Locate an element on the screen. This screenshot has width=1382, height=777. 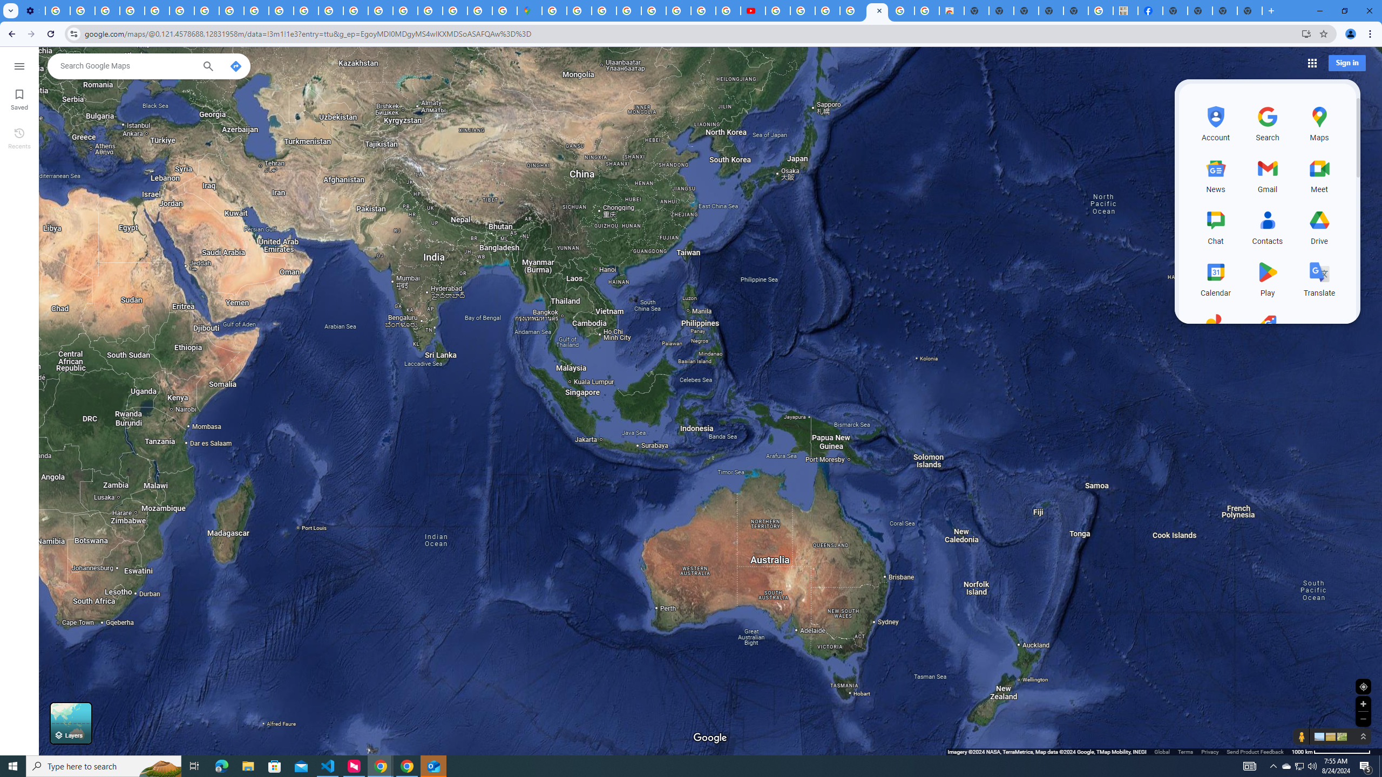
'How Chrome protects your passwords - Google Chrome Help' is located at coordinates (777, 10).